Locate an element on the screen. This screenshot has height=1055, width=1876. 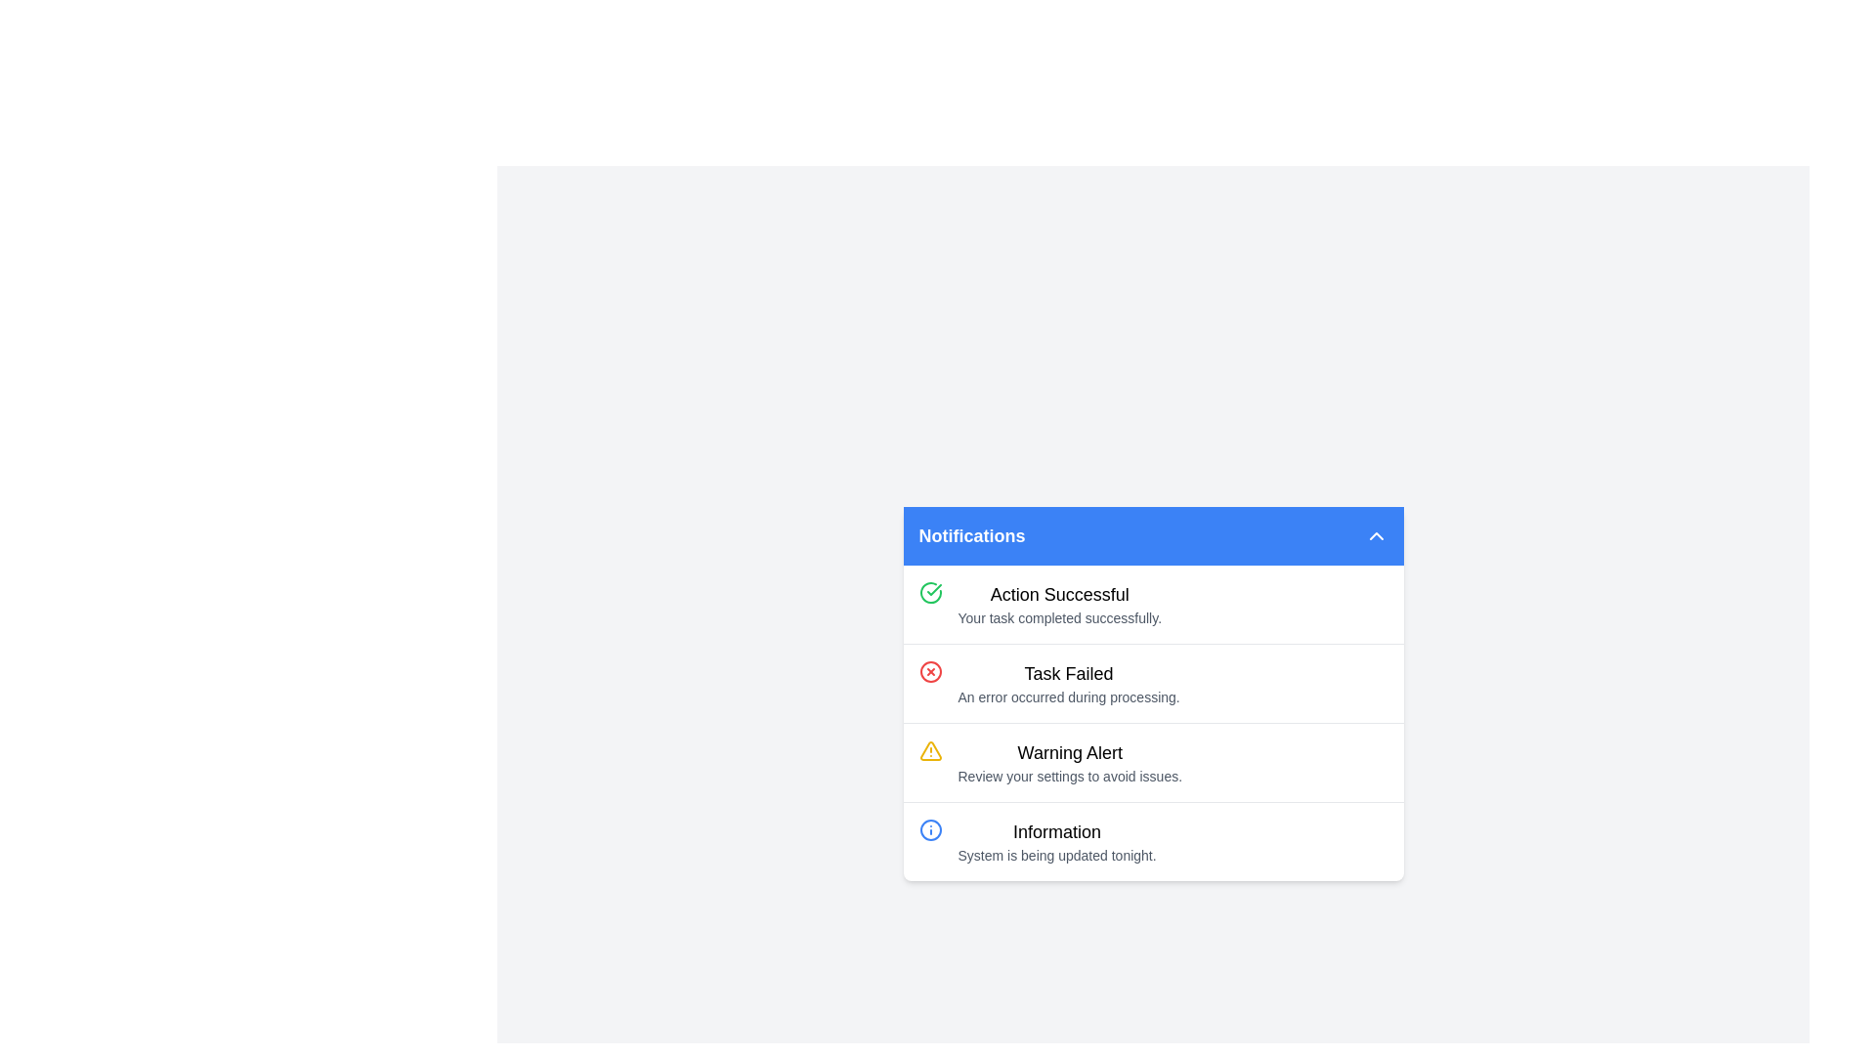
the non-interactive error message text displayed in the notification panel, located below the bold title 'Task Failed' is located at coordinates (1068, 696).